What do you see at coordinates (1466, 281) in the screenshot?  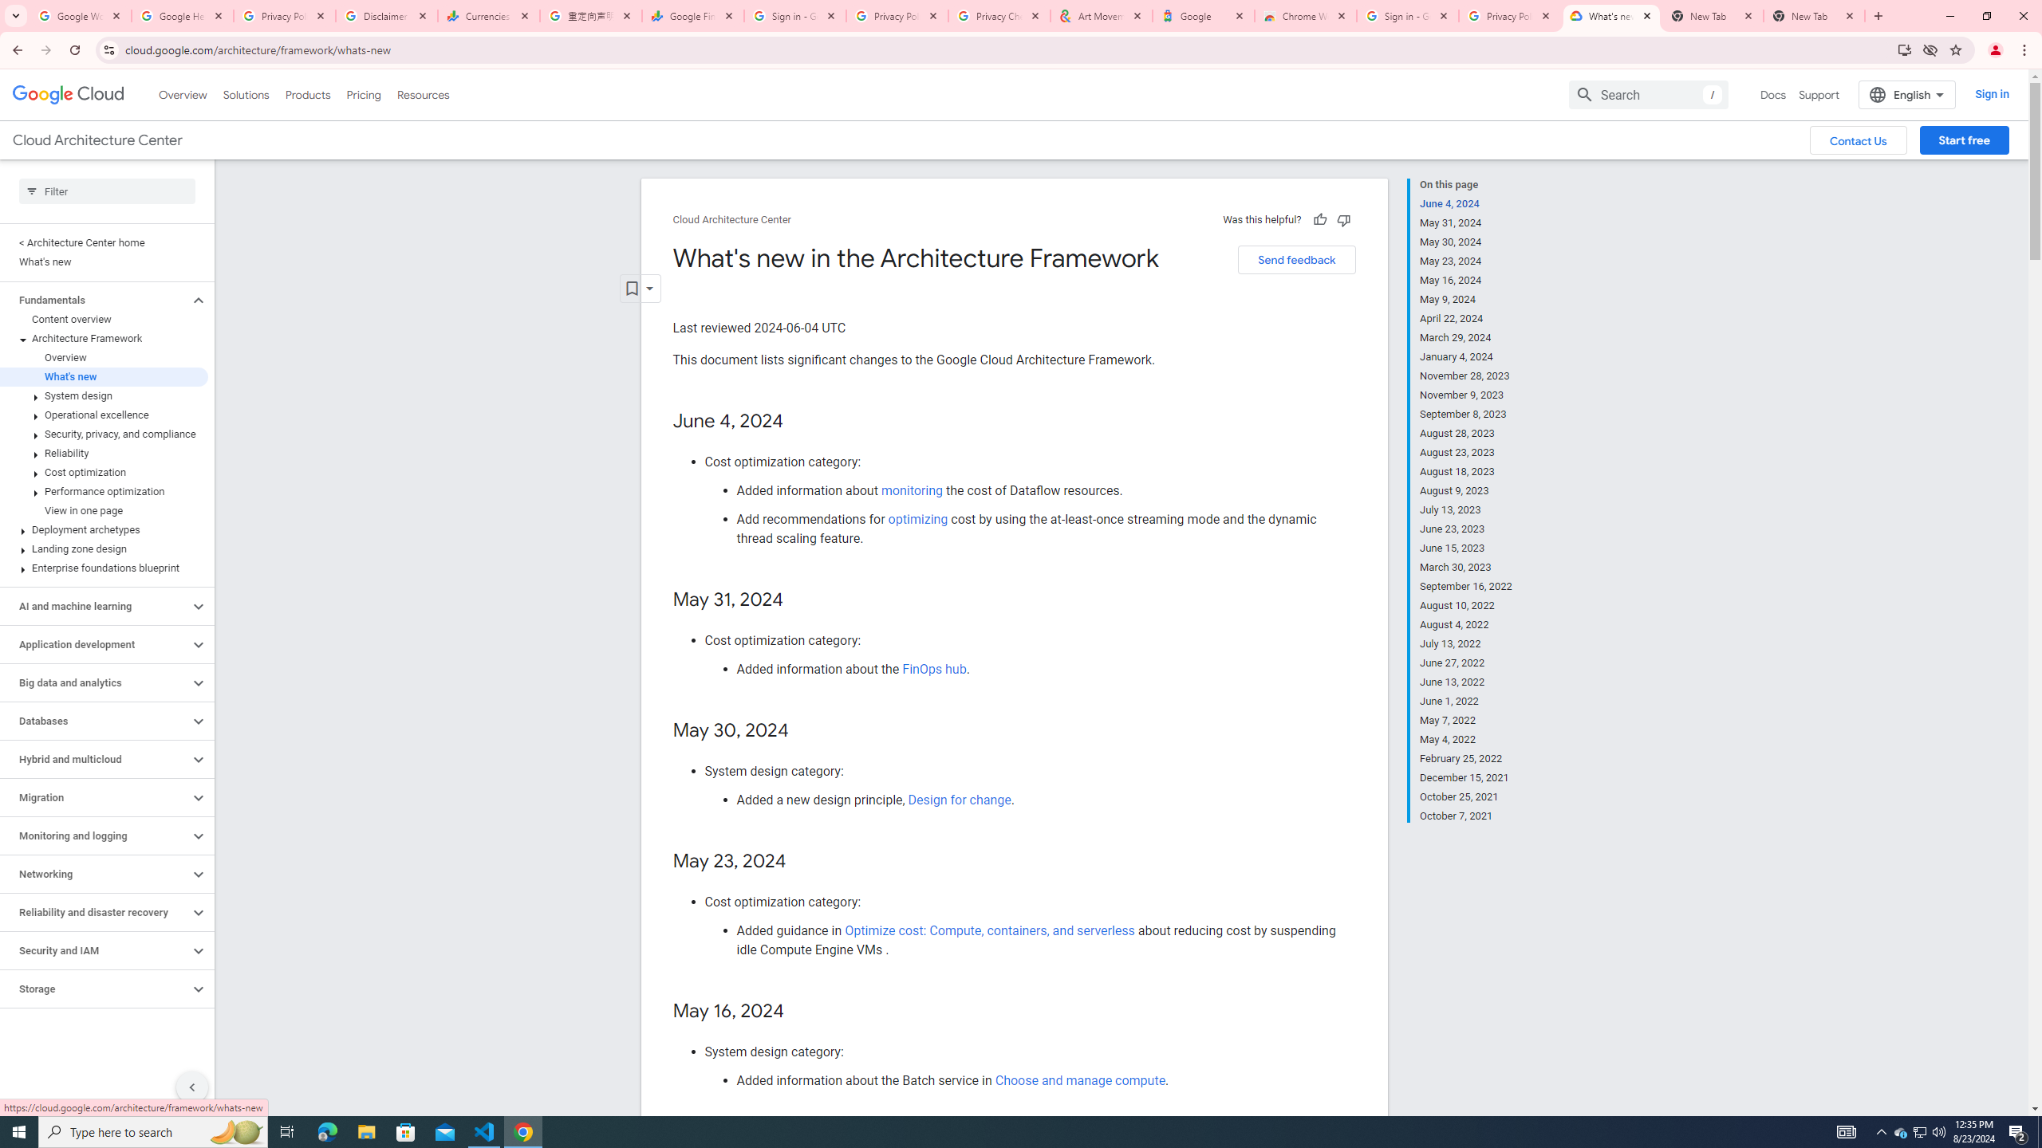 I see `'May 16, 2024'` at bounding box center [1466, 281].